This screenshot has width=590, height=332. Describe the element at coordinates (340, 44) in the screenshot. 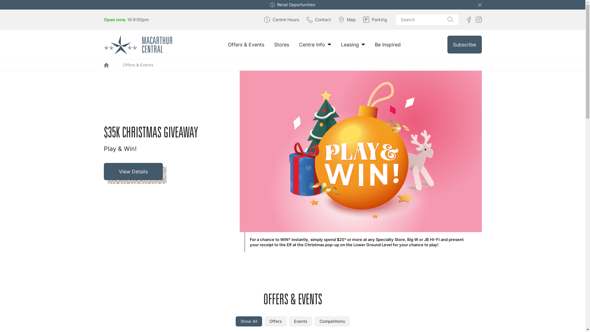

I see `'Leasing'` at that location.